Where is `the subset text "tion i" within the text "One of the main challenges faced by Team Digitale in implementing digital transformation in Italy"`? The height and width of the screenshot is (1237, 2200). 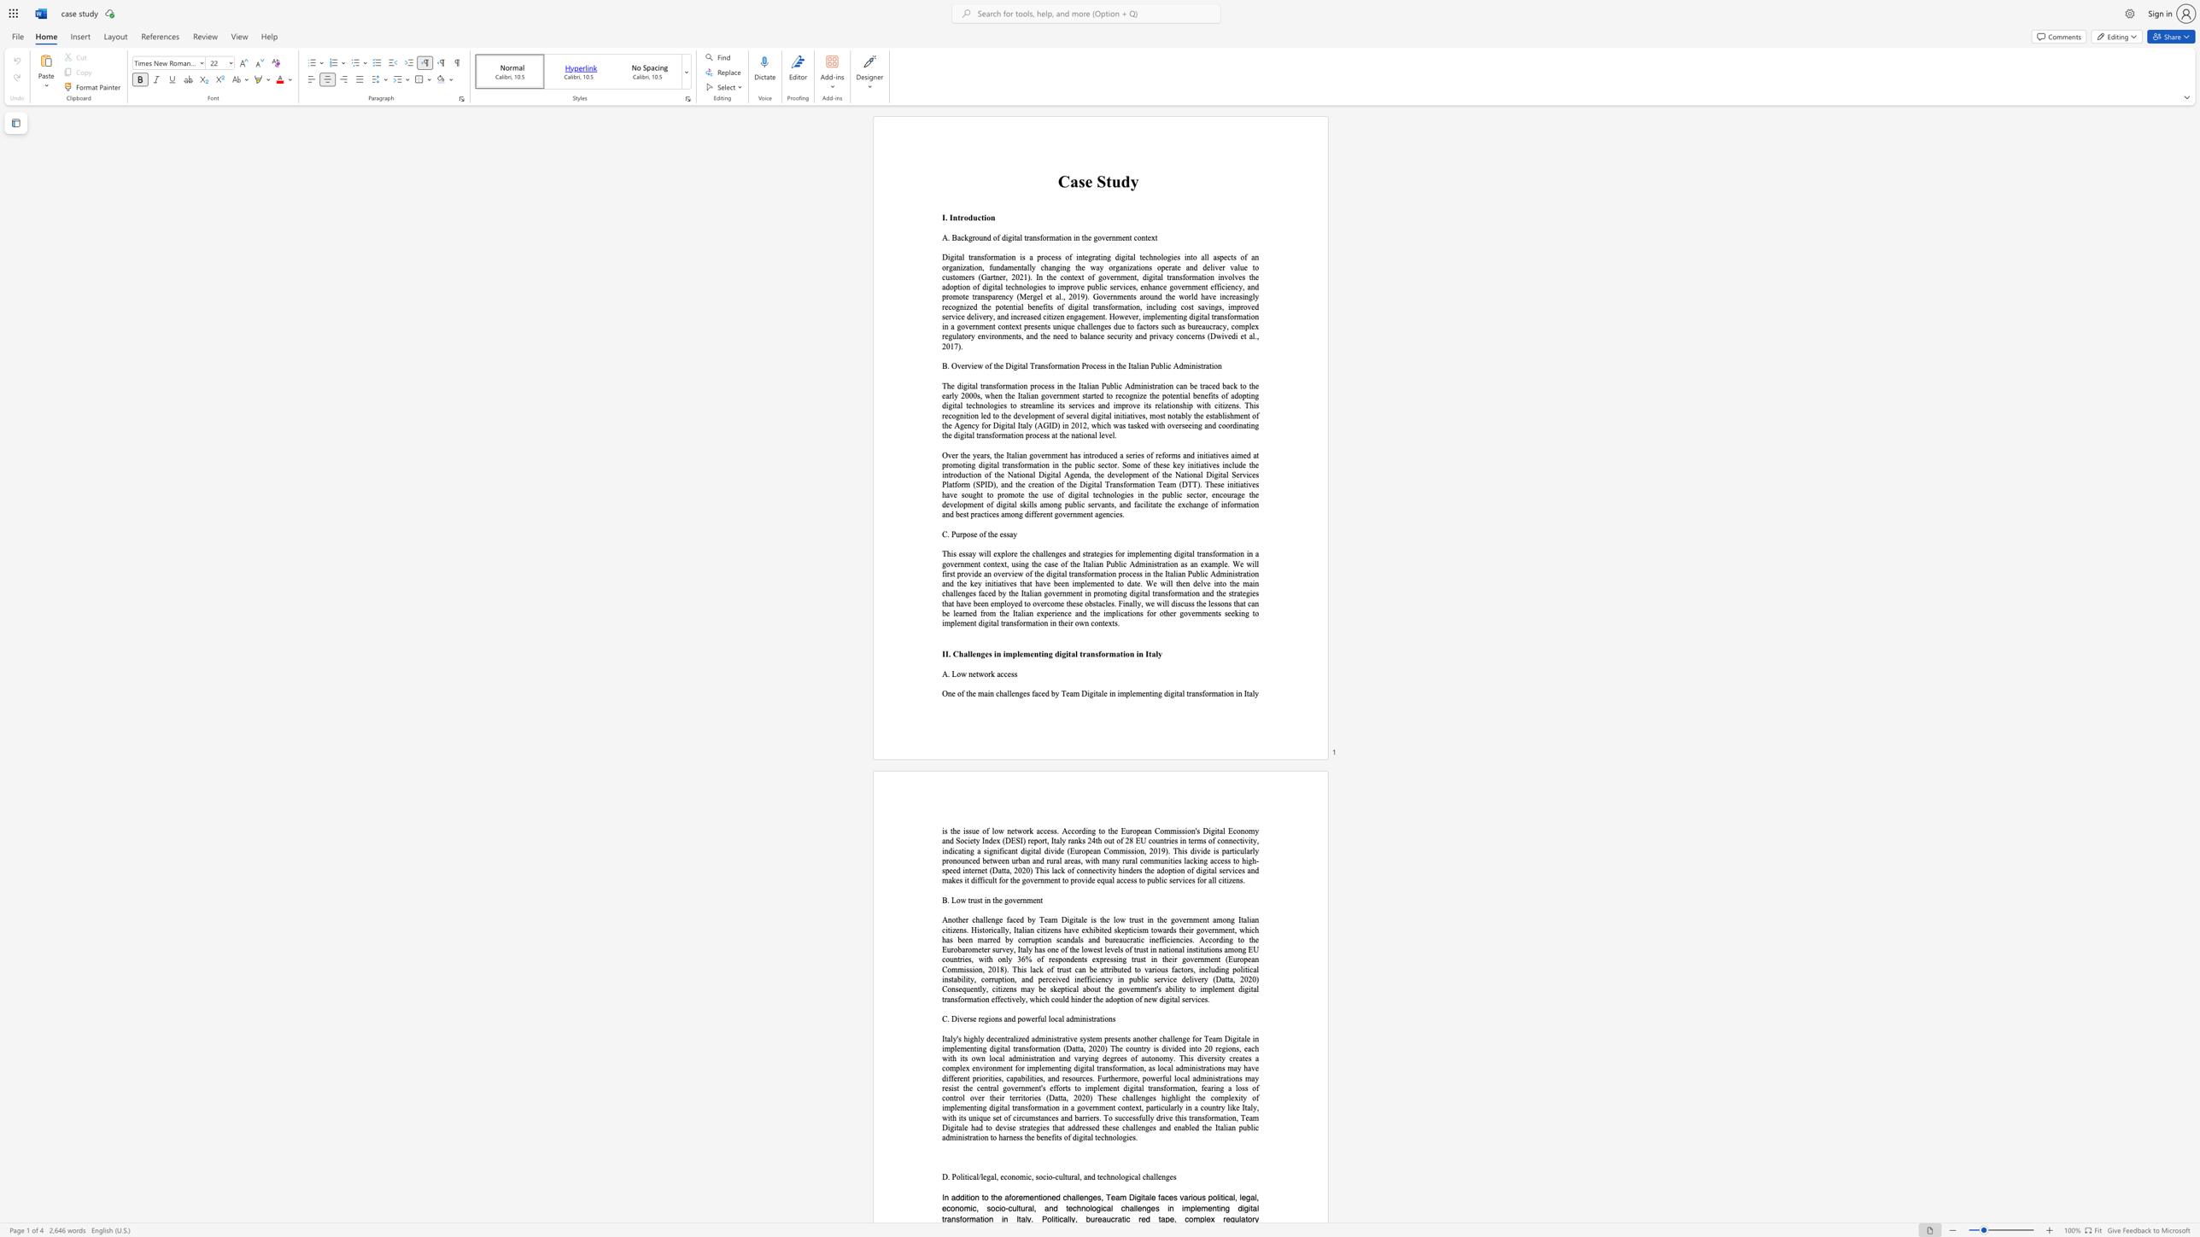
the subset text "tion i" within the text "One of the main challenges faced by Team Digitale in implementing digital transformation in Italy" is located at coordinates (1221, 693).